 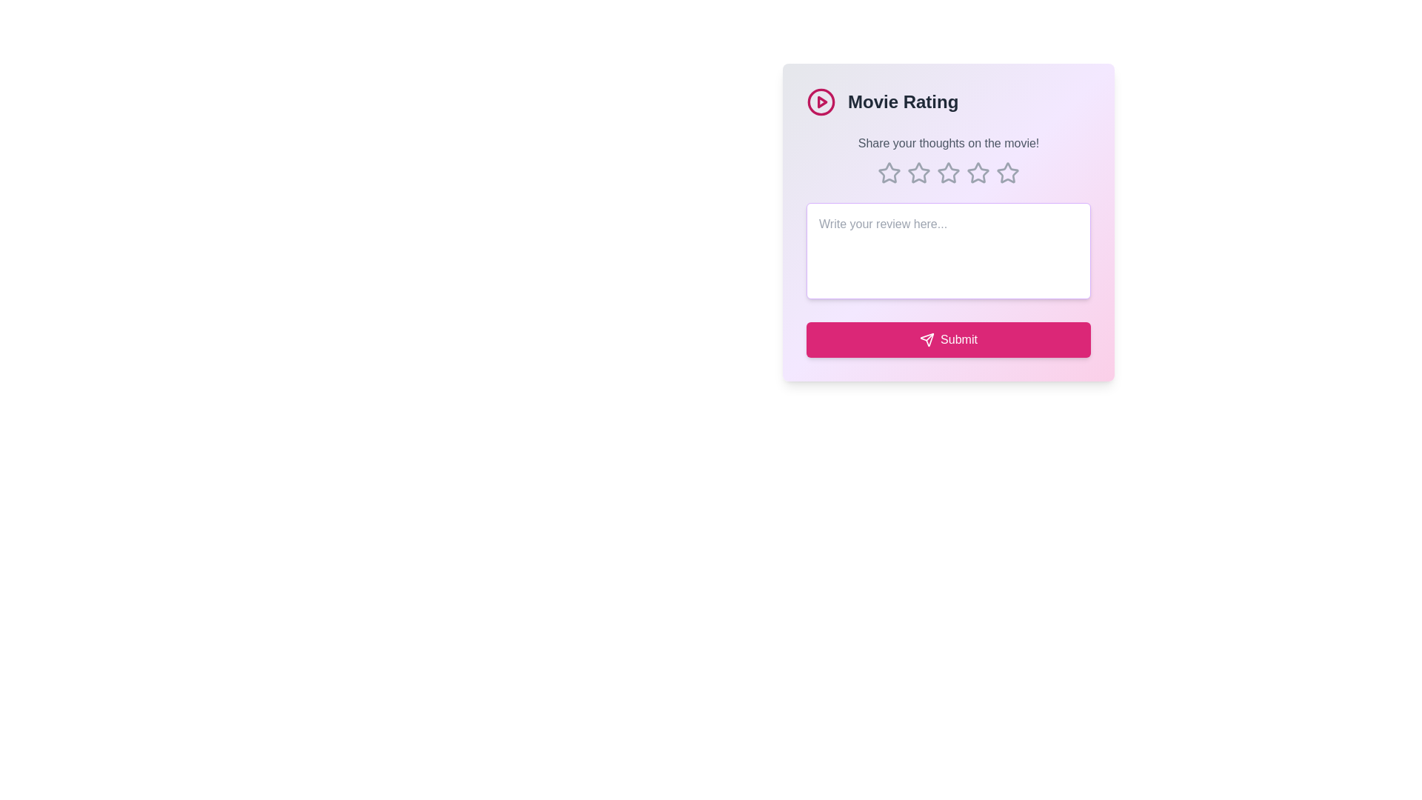 What do you see at coordinates (889, 173) in the screenshot?
I see `the first star icon in the horizontal row of rating stars located under the title 'Share your thoughts on the movie!'` at bounding box center [889, 173].